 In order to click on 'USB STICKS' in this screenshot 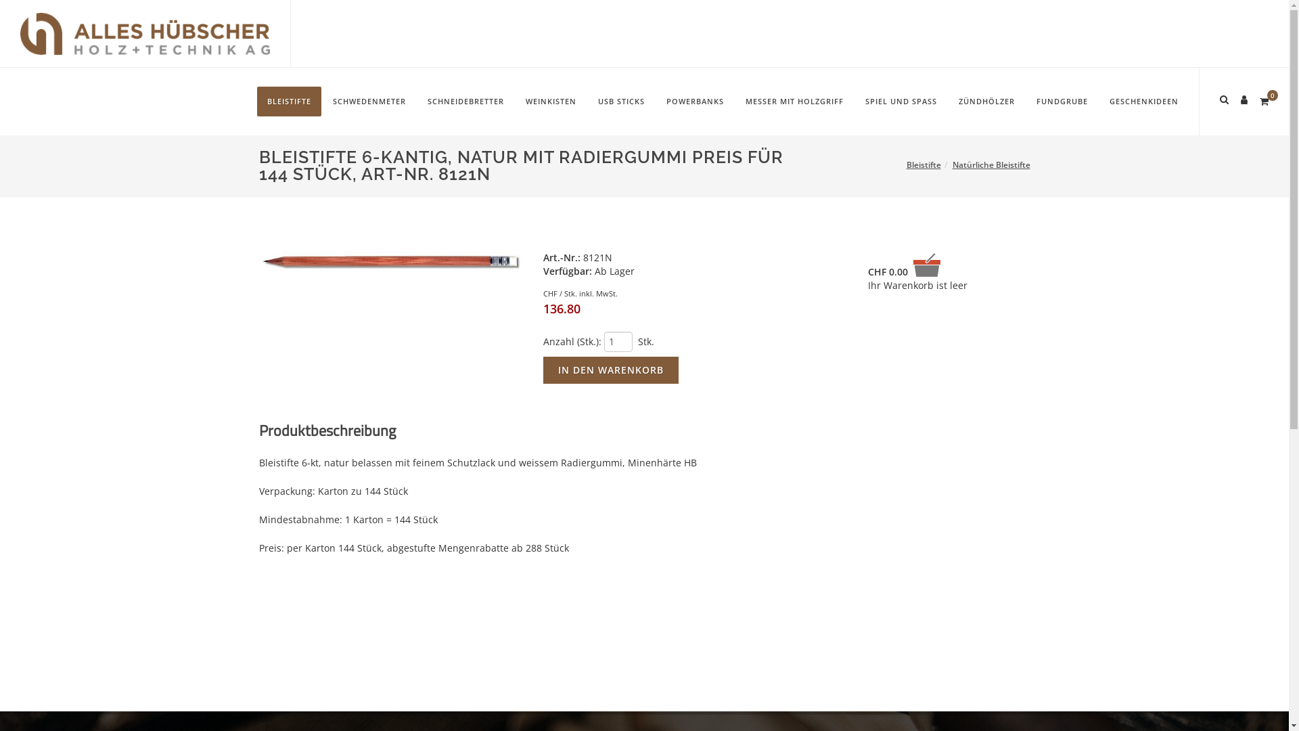, I will do `click(620, 101)`.